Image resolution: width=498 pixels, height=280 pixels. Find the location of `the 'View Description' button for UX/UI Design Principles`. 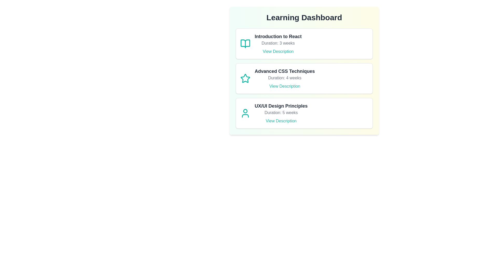

the 'View Description' button for UX/UI Design Principles is located at coordinates (281, 121).